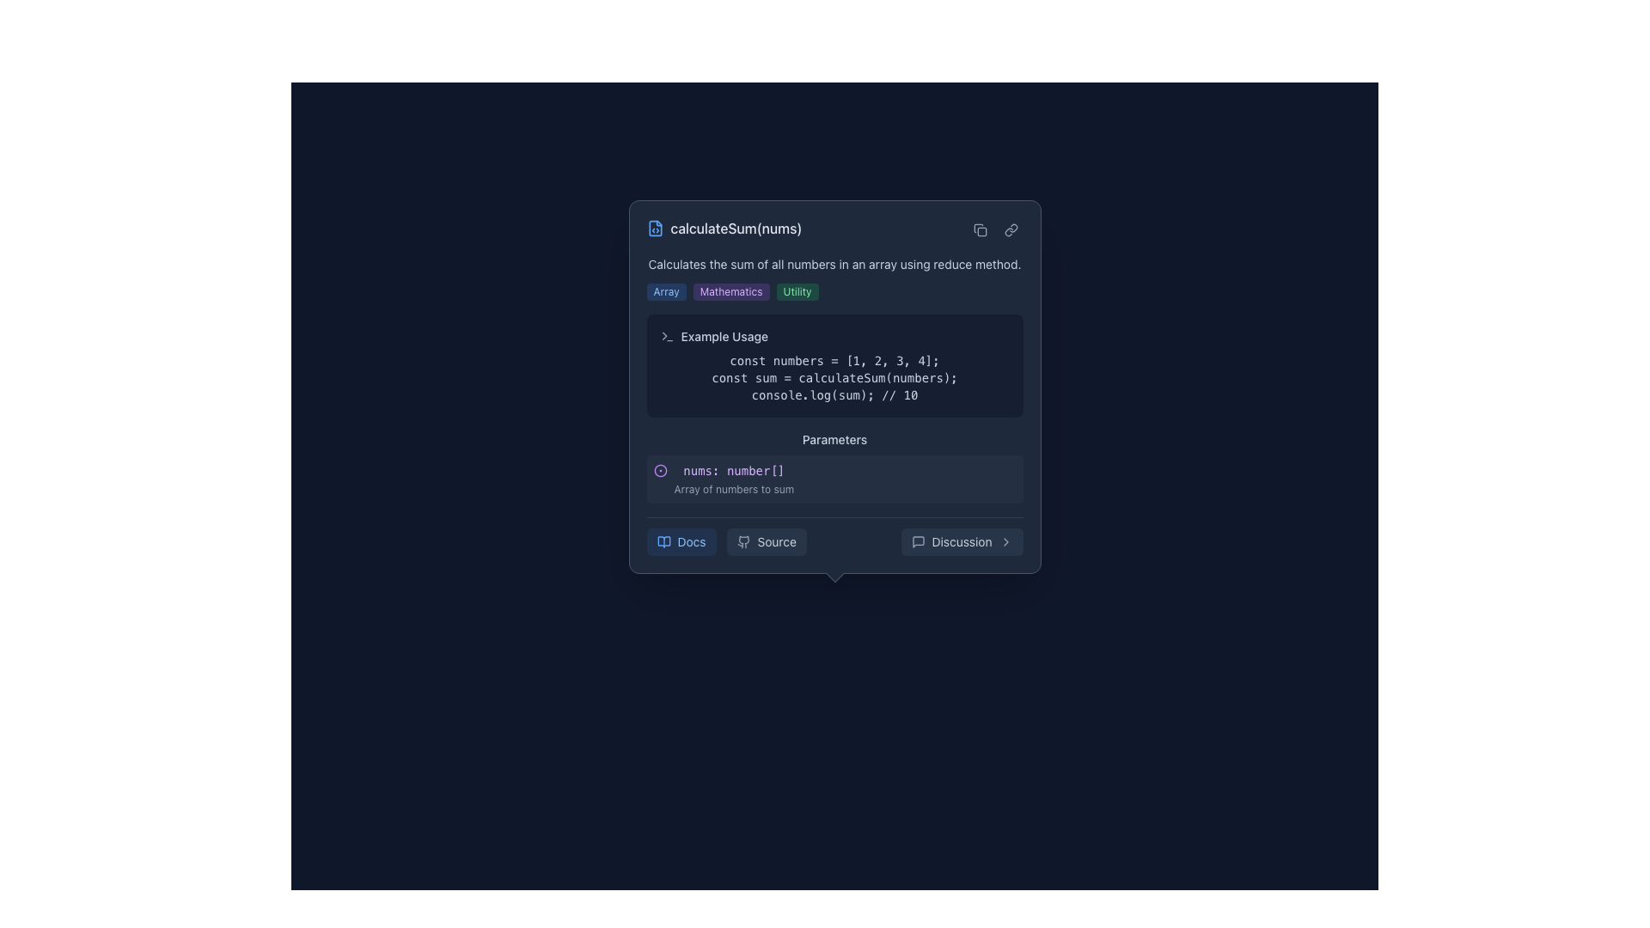  I want to click on the right-pointing chevron icon that indicates forward navigation, located at the far right side of the 'Discussion' button, so click(1005, 542).